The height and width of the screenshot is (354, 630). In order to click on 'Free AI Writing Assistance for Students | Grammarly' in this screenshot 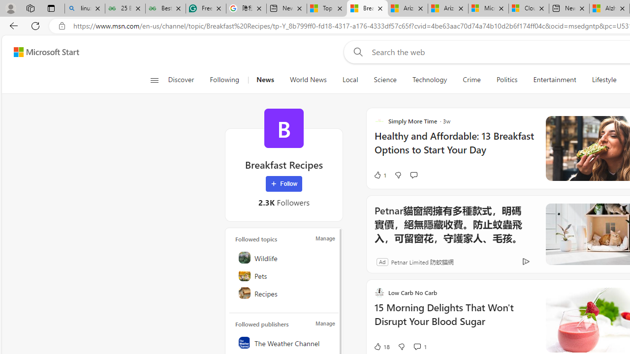, I will do `click(205, 8)`.